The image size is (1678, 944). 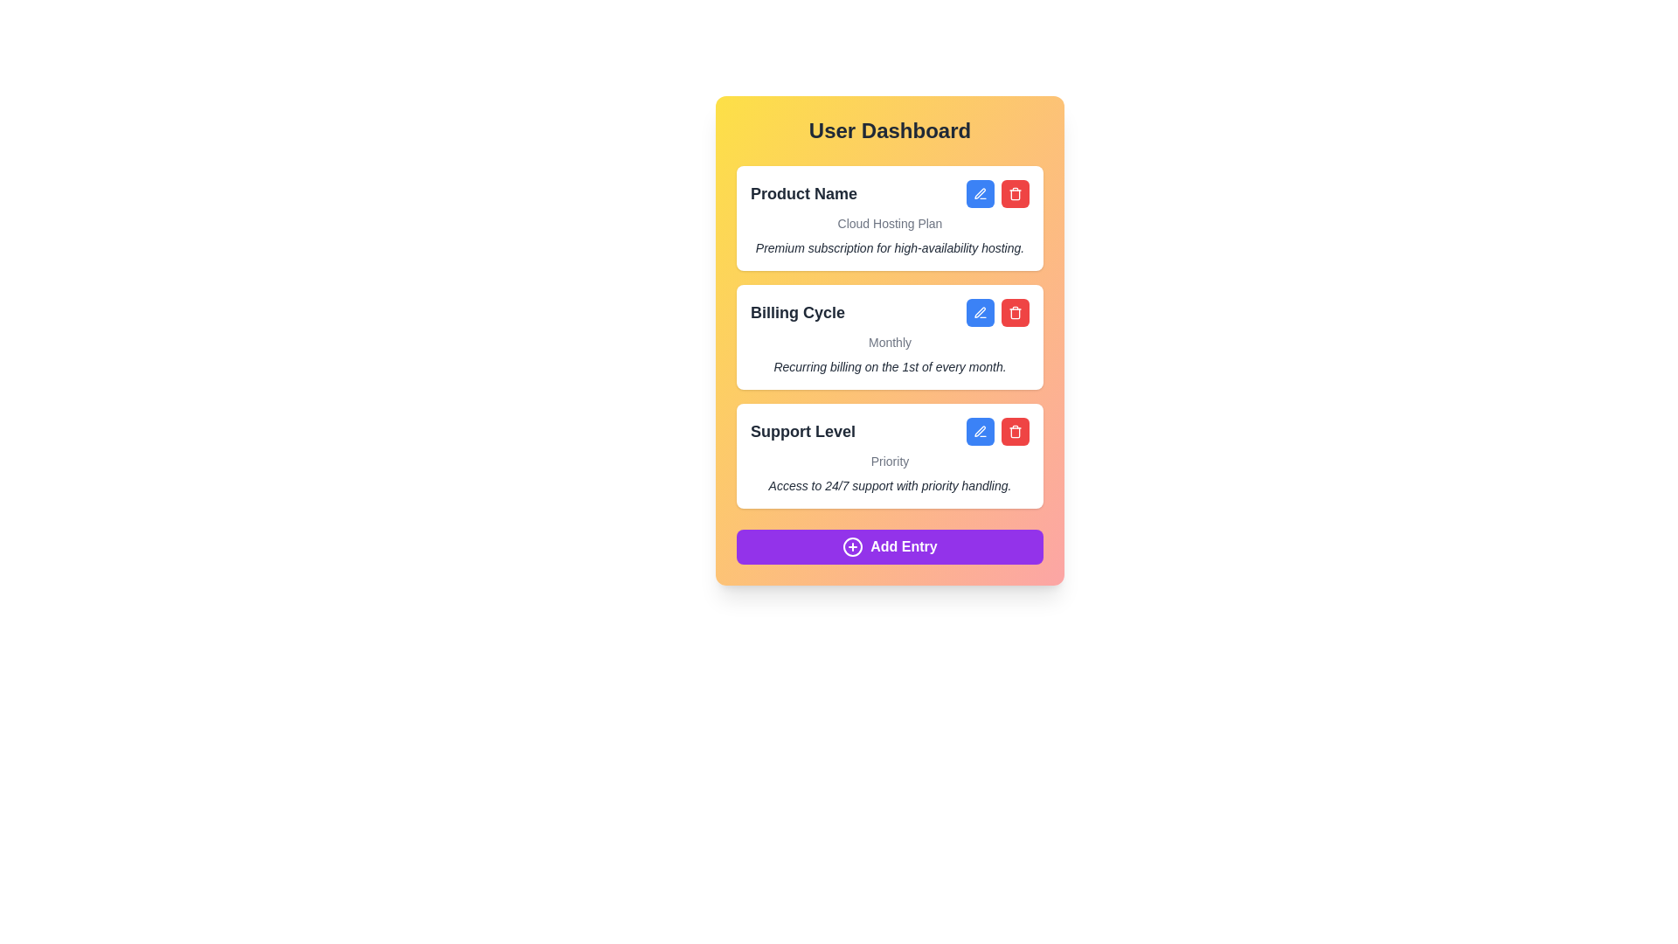 I want to click on title of the heading element styled as an H1-equivalent located at the top of the user dashboard panel, so click(x=890, y=130).